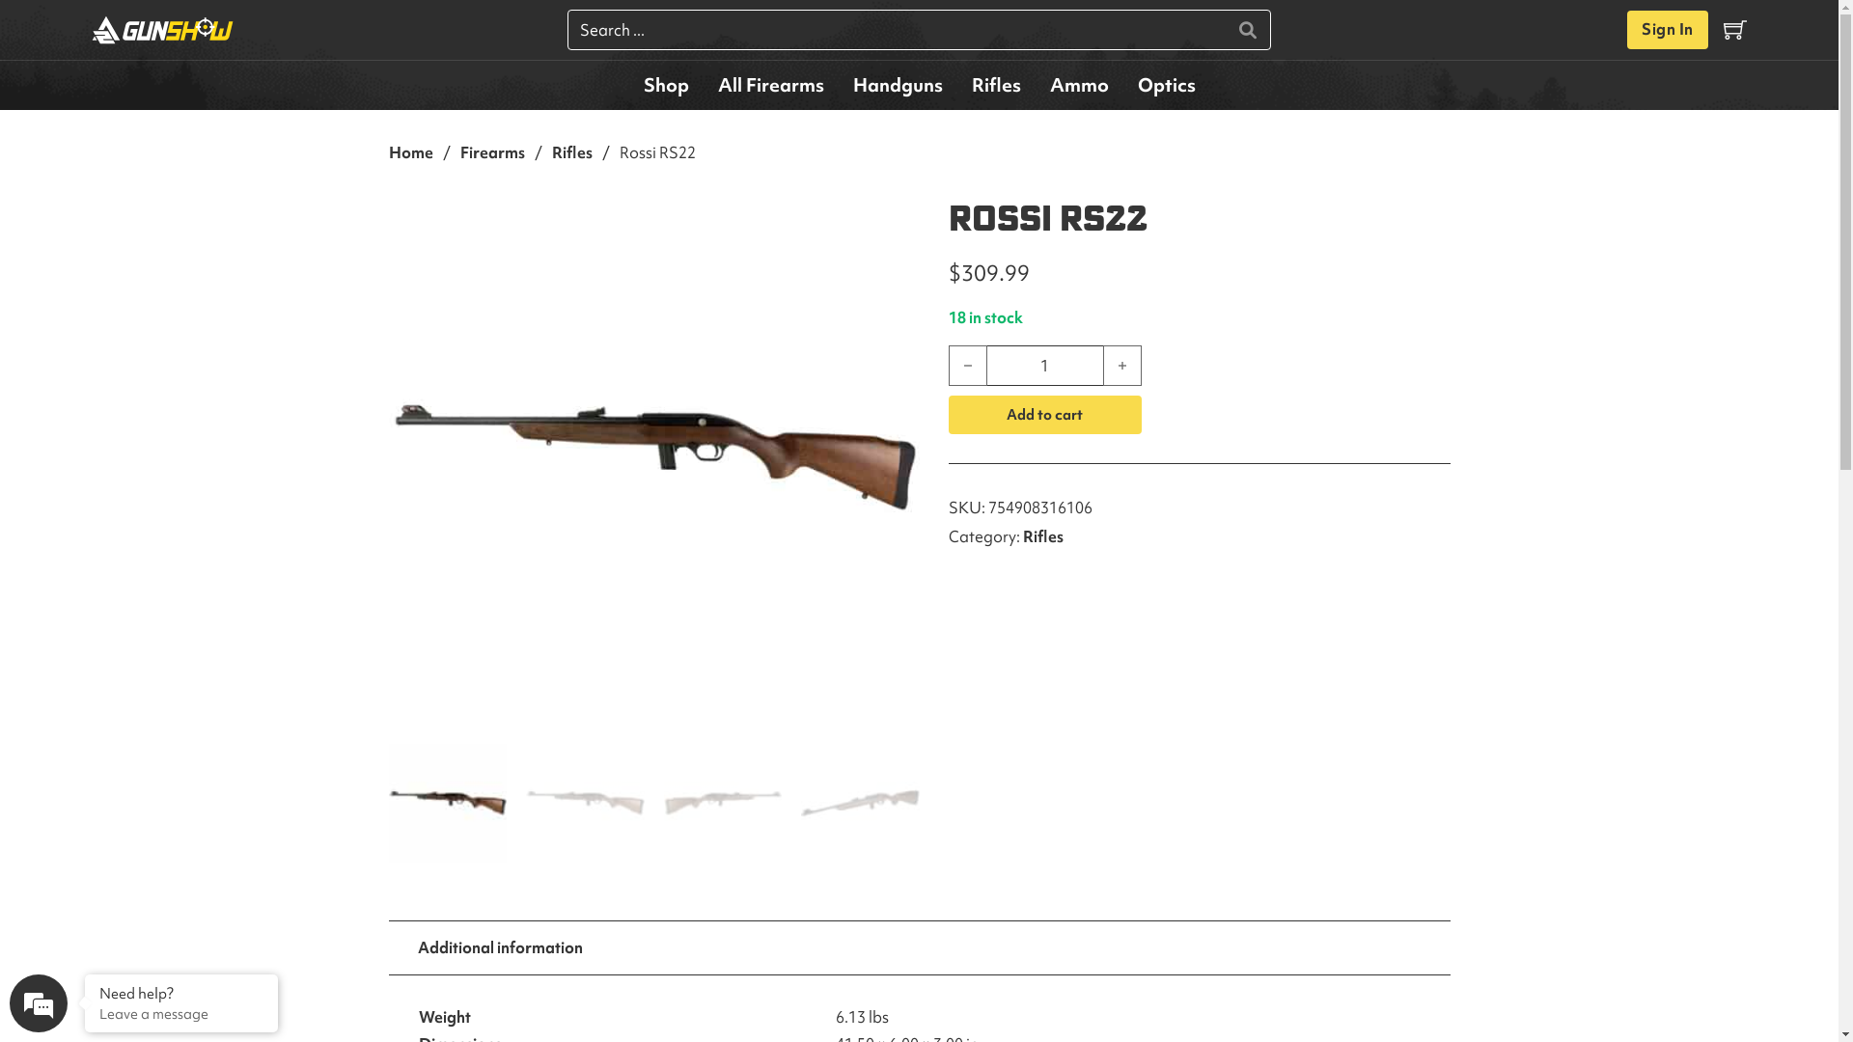  Describe the element at coordinates (996, 84) in the screenshot. I see `'Rifles'` at that location.